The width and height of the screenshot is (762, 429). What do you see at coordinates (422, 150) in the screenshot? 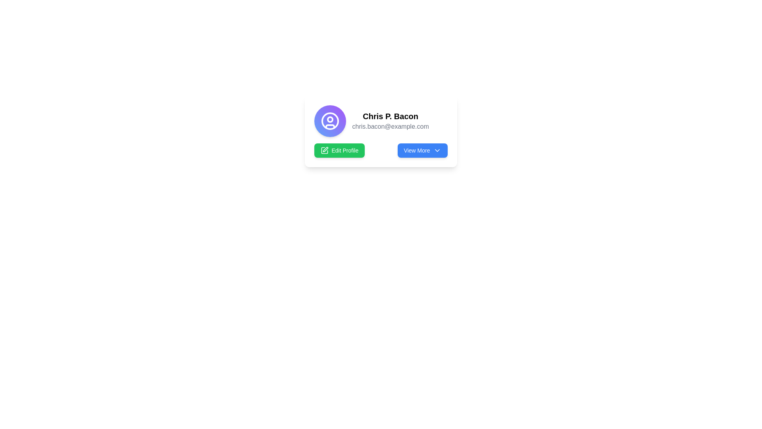
I see `the 'View More' button, which is a rectangular button with rounded corners, blue background, and white text` at bounding box center [422, 150].